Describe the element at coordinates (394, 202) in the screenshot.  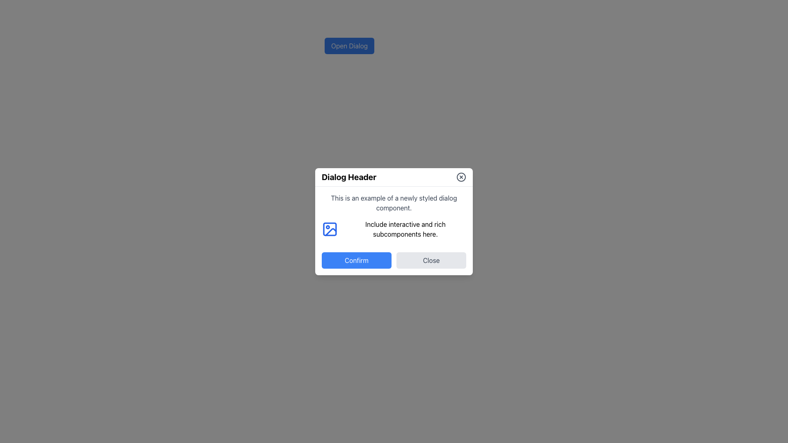
I see `text displayed in the text display element located at the top of the dialog content area, directly below the dialog header` at that location.